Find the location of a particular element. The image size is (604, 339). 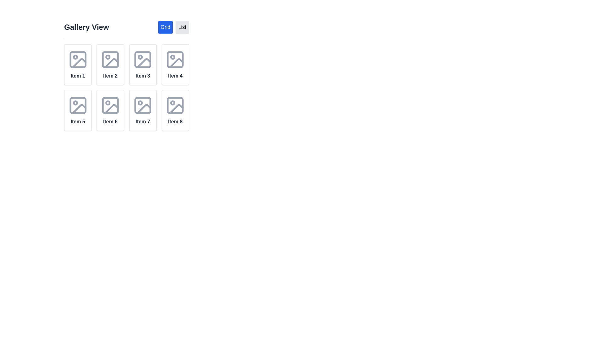

the icon that signifies an image or placeholder for an image, located in the top-center of the card labeled 'Item 2' in the 'Gallery View' grid layout is located at coordinates (110, 59).